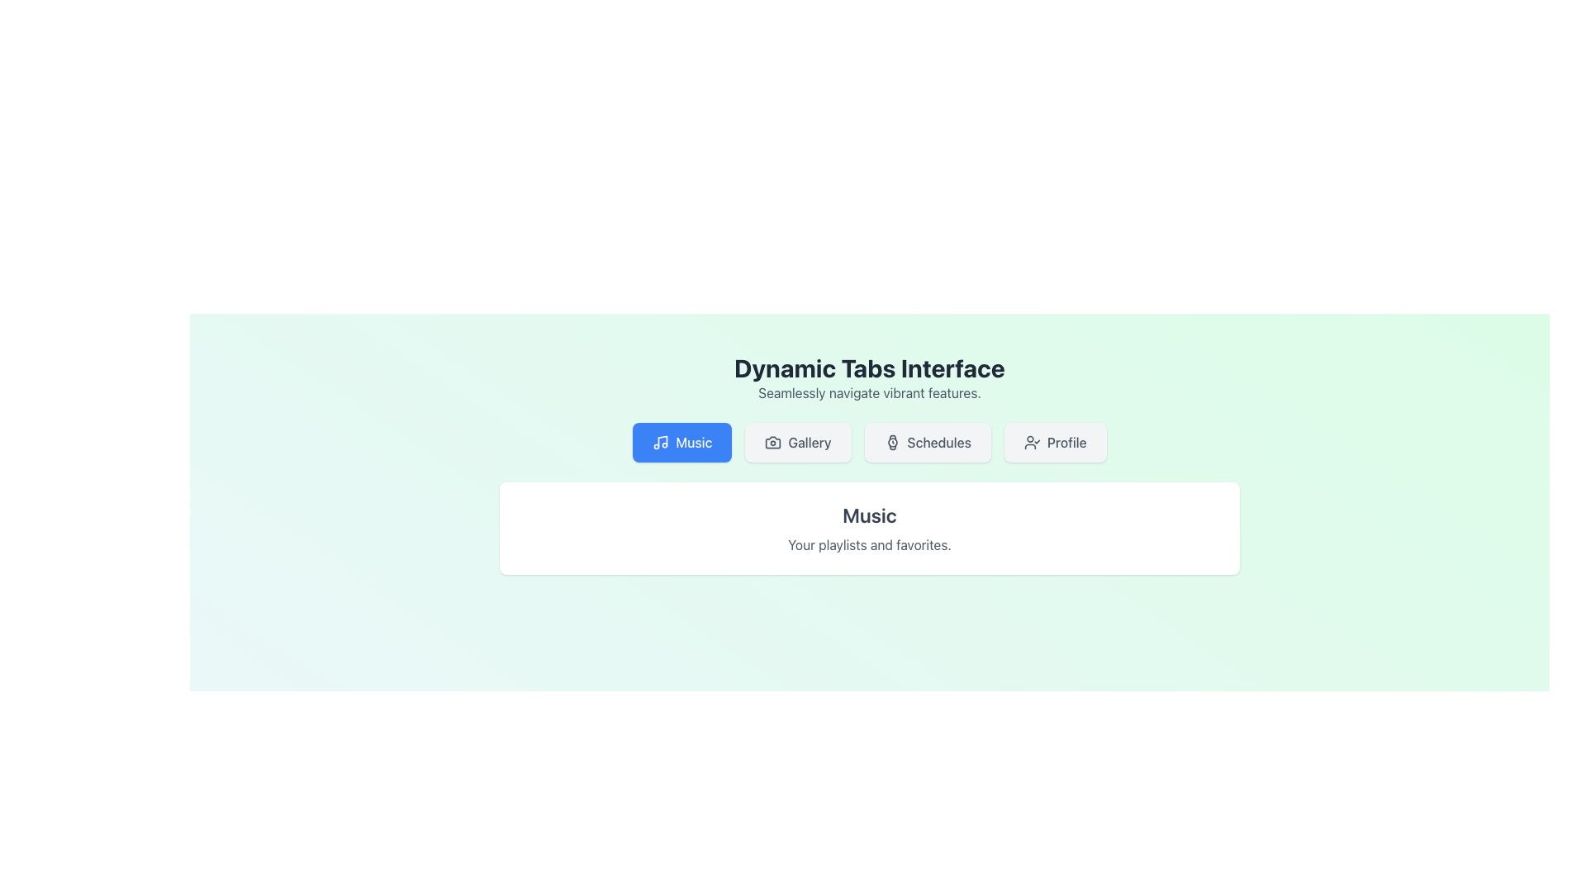  What do you see at coordinates (939, 442) in the screenshot?
I see `the 'Schedules' label` at bounding box center [939, 442].